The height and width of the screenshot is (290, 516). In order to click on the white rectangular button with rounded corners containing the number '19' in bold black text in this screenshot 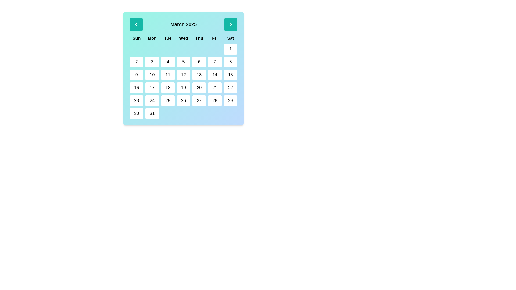, I will do `click(183, 88)`.